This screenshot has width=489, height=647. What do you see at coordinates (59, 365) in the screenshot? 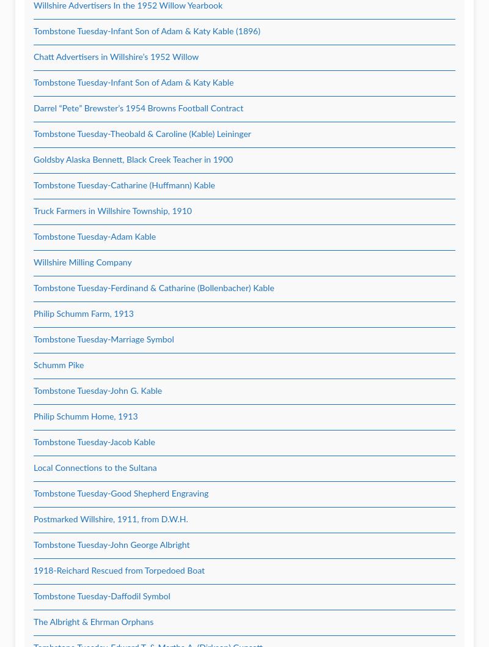
I see `'Schumm Pike'` at bounding box center [59, 365].